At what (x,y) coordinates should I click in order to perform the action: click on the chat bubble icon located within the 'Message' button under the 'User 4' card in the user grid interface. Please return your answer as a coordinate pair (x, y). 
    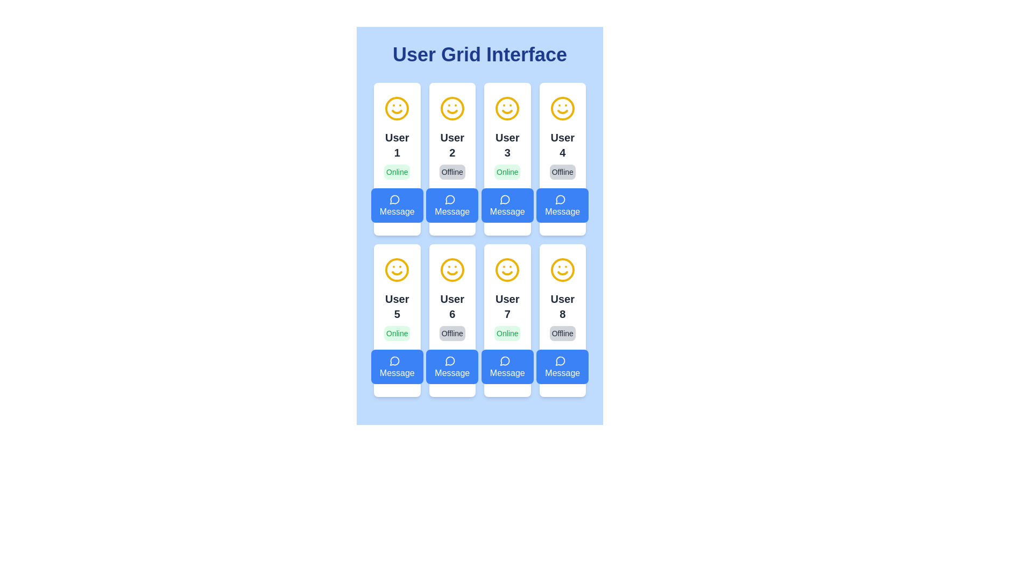
    Looking at the image, I should click on (560, 199).